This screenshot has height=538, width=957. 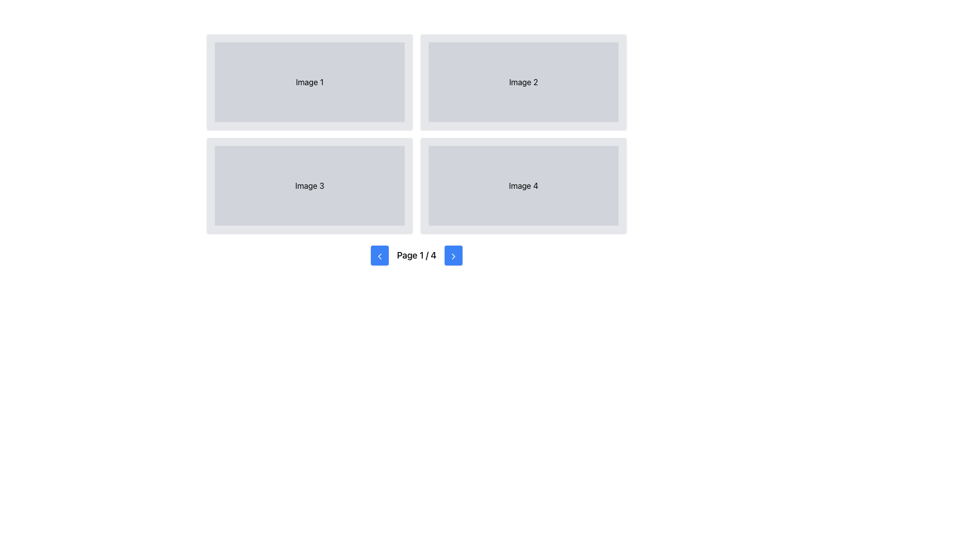 I want to click on the button-like card representing 'Image 1' located in the top-left corner of the grid layout, so click(x=309, y=82).